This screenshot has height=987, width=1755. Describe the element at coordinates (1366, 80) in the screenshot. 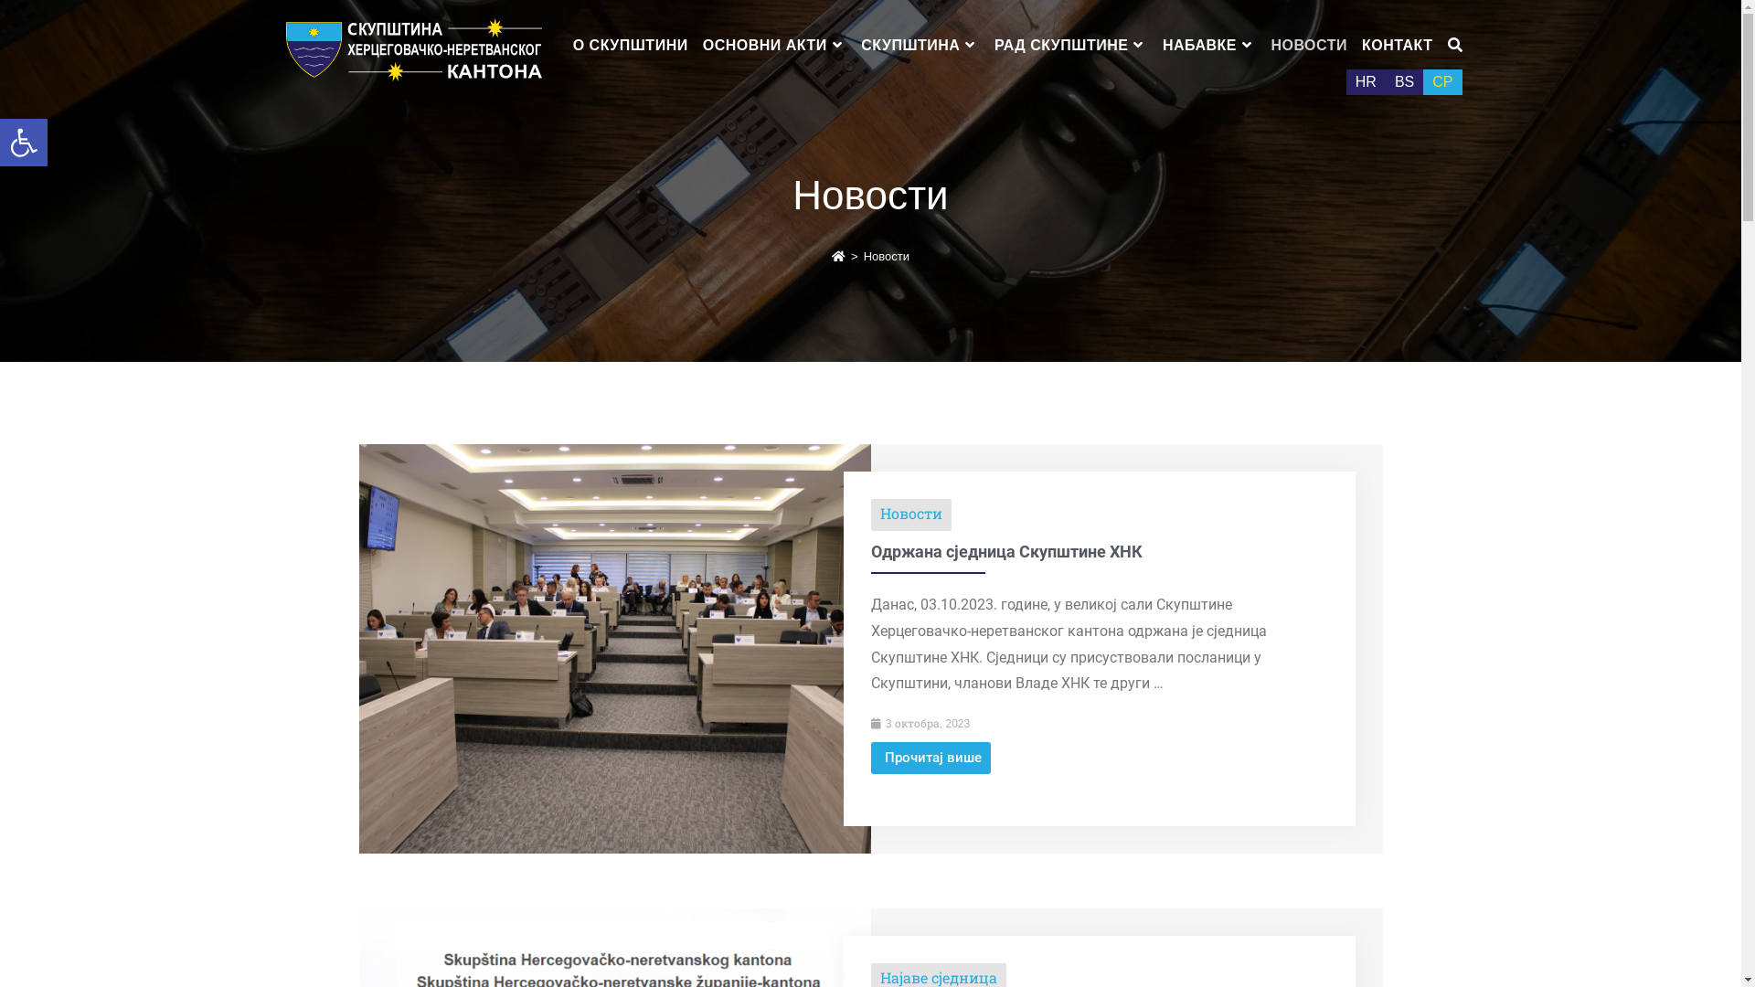

I see `'HR'` at that location.